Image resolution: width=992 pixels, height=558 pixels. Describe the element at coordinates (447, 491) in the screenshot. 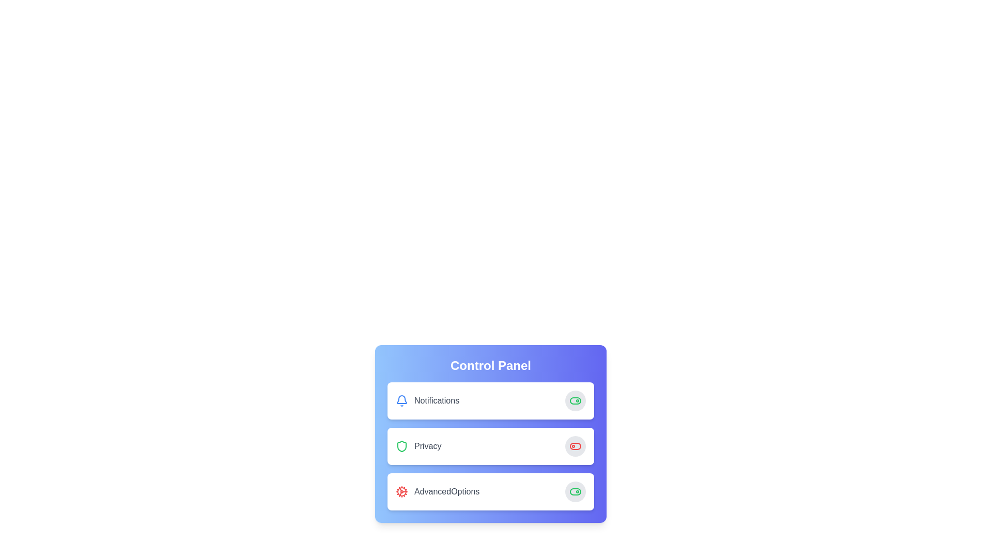

I see `the context of the text label` at that location.